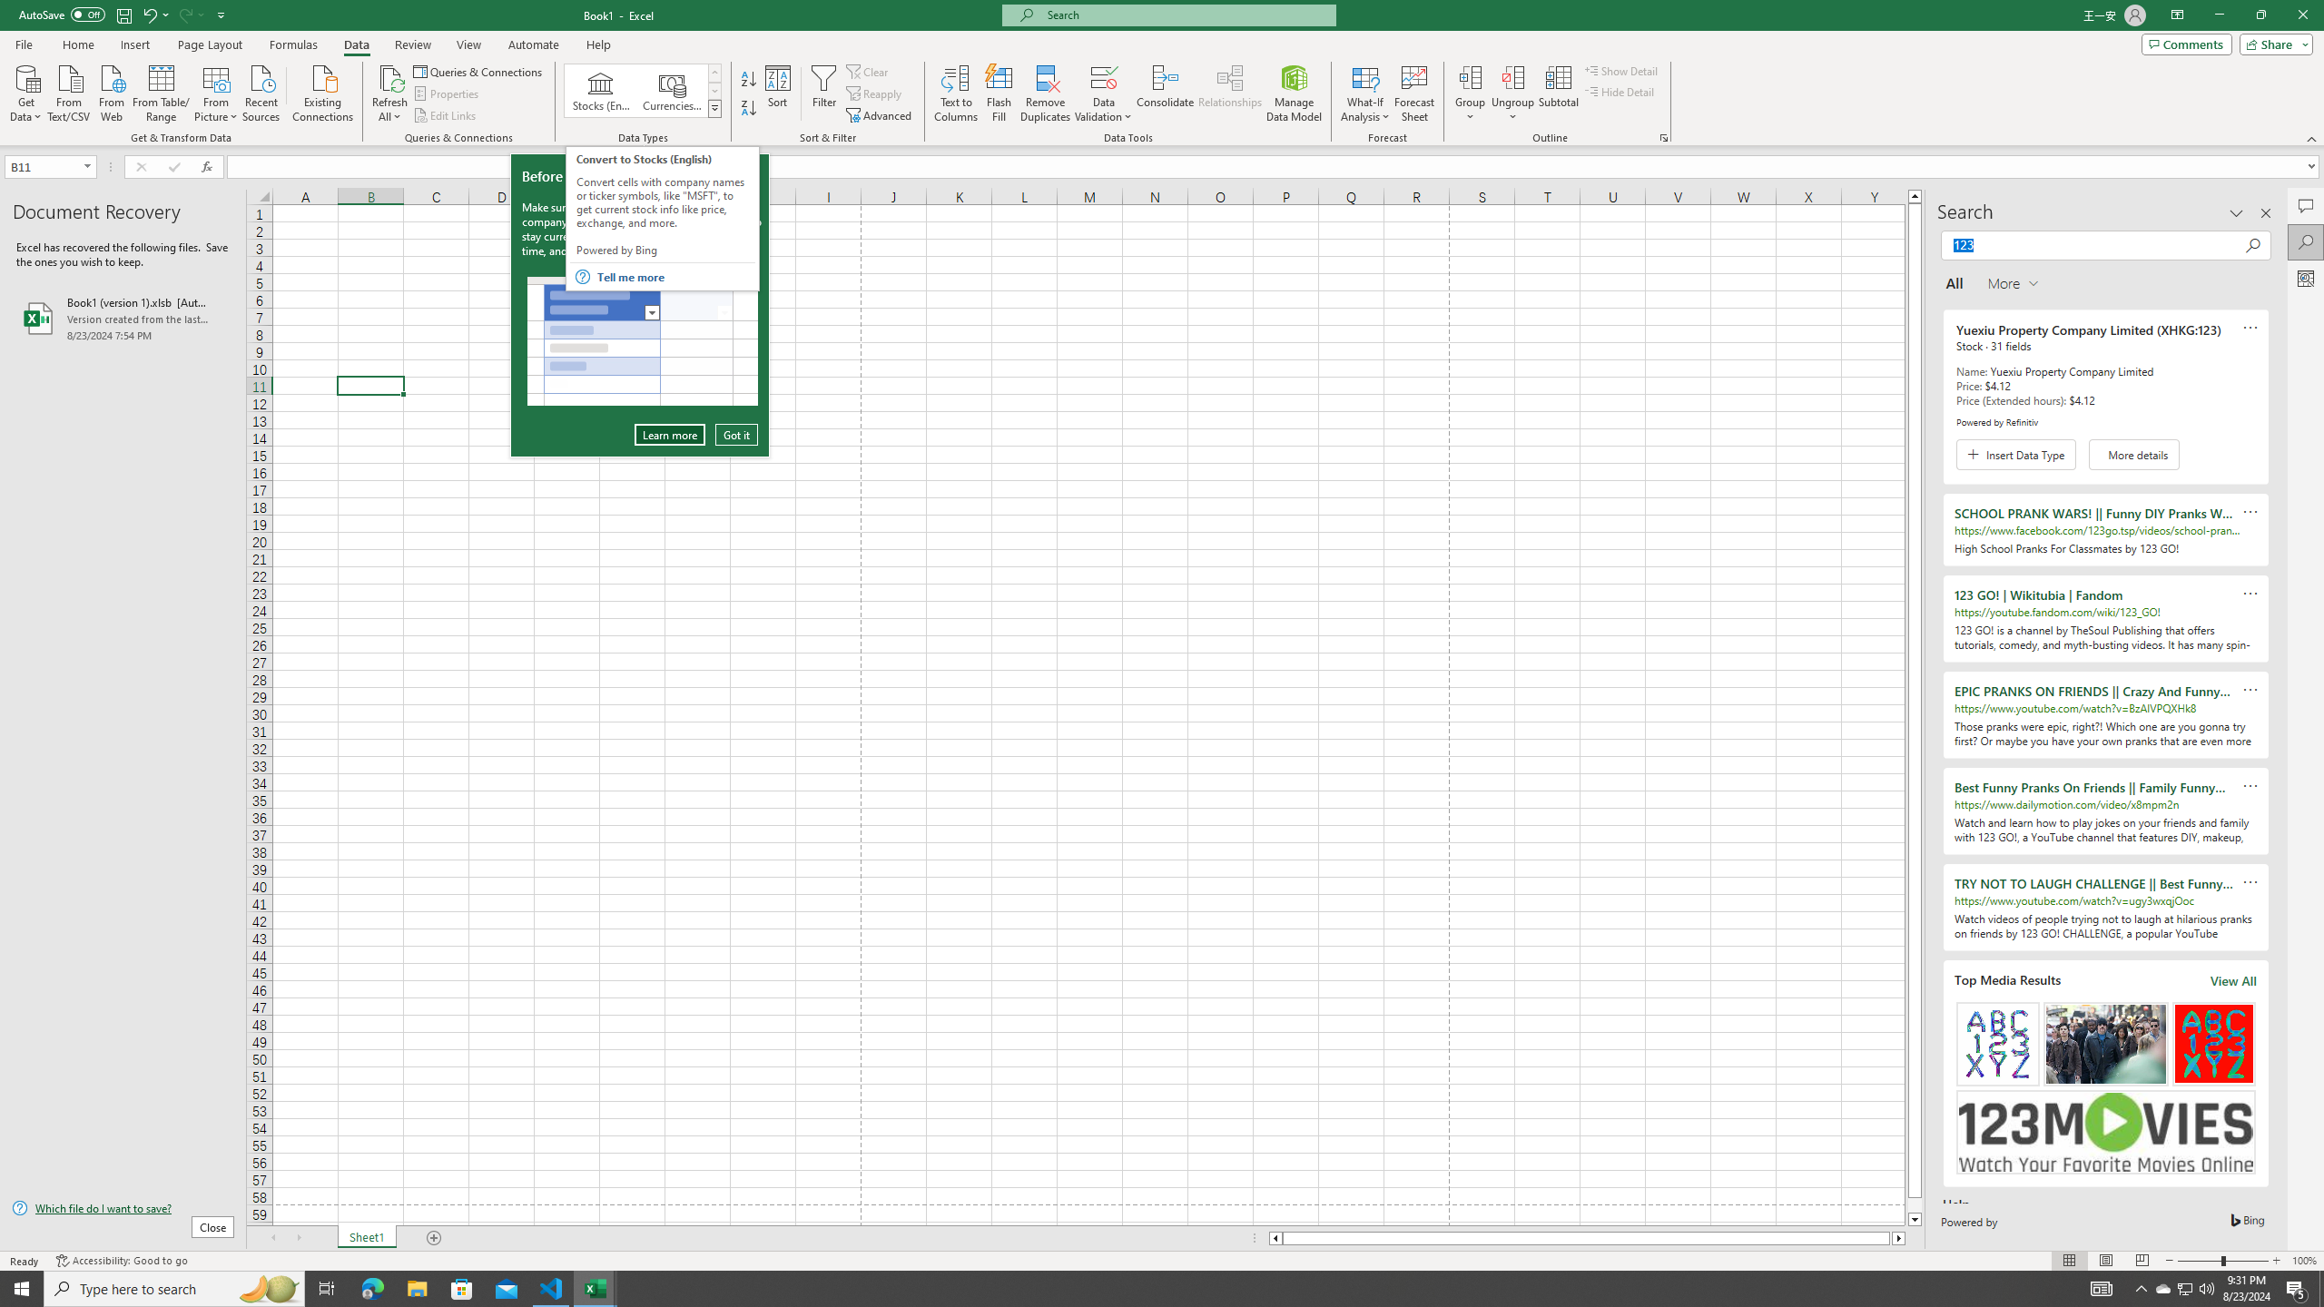  I want to click on 'Notification Chevron', so click(2142, 1287).